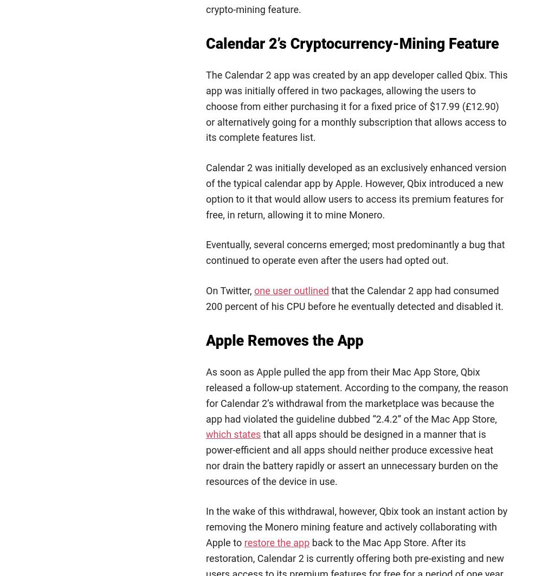 Image resolution: width=542 pixels, height=576 pixels. Describe the element at coordinates (230, 289) in the screenshot. I see `'On Twitter,'` at that location.